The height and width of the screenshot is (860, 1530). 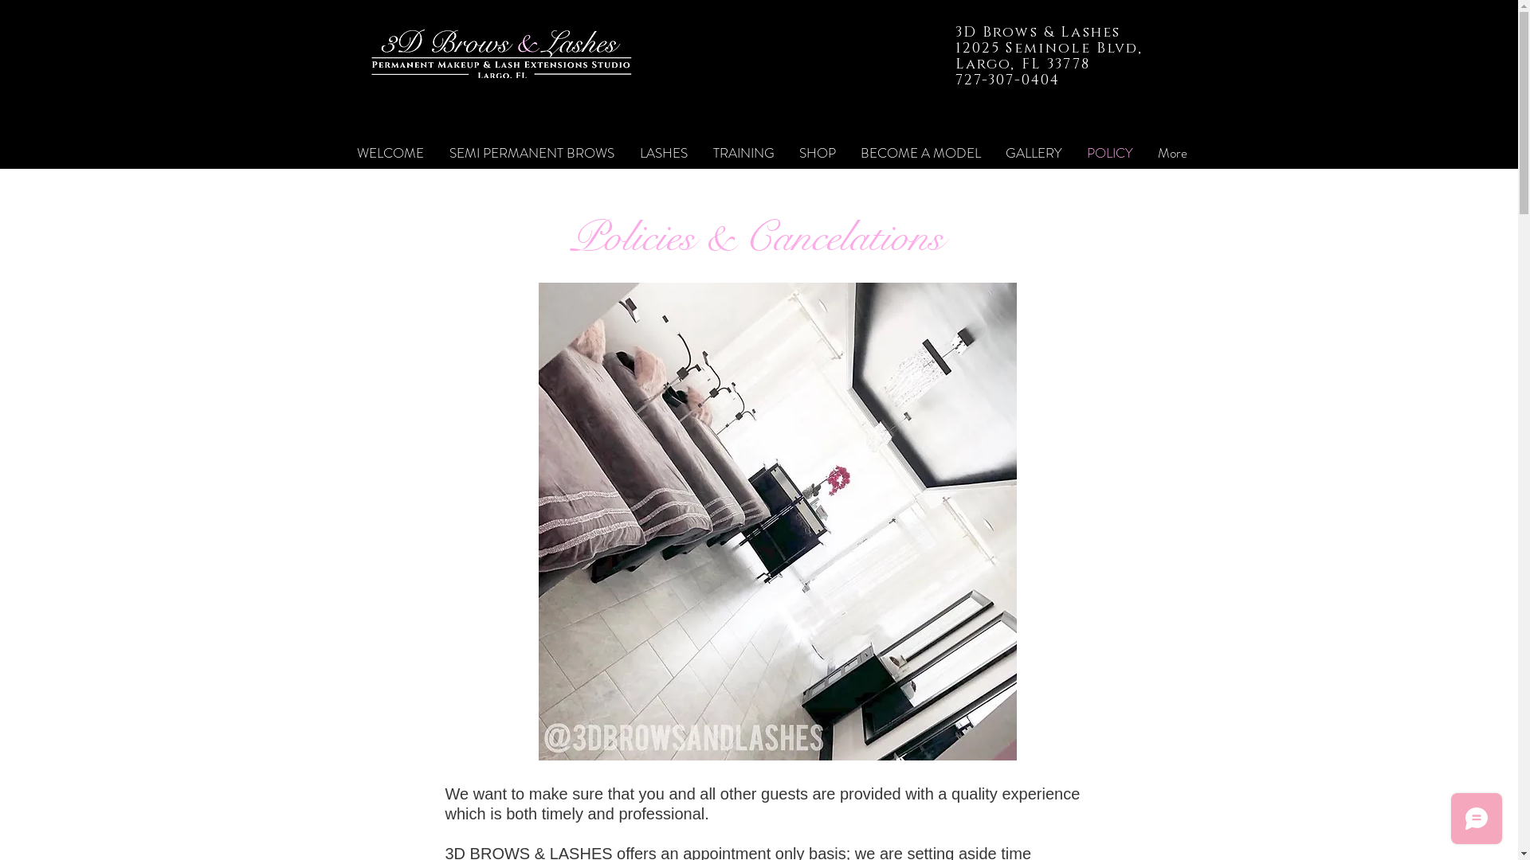 I want to click on 'BECOME A MODEL', so click(x=920, y=153).